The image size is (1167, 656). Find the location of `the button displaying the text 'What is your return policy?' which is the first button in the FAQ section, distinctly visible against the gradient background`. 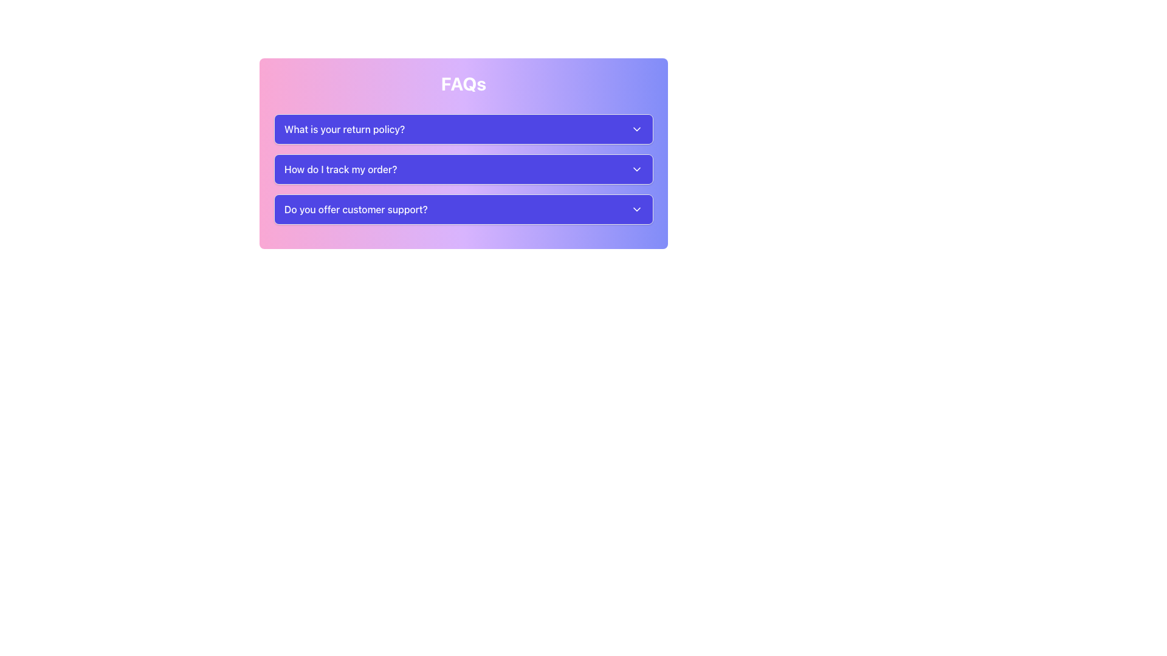

the button displaying the text 'What is your return policy?' which is the first button in the FAQ section, distinctly visible against the gradient background is located at coordinates (344, 129).